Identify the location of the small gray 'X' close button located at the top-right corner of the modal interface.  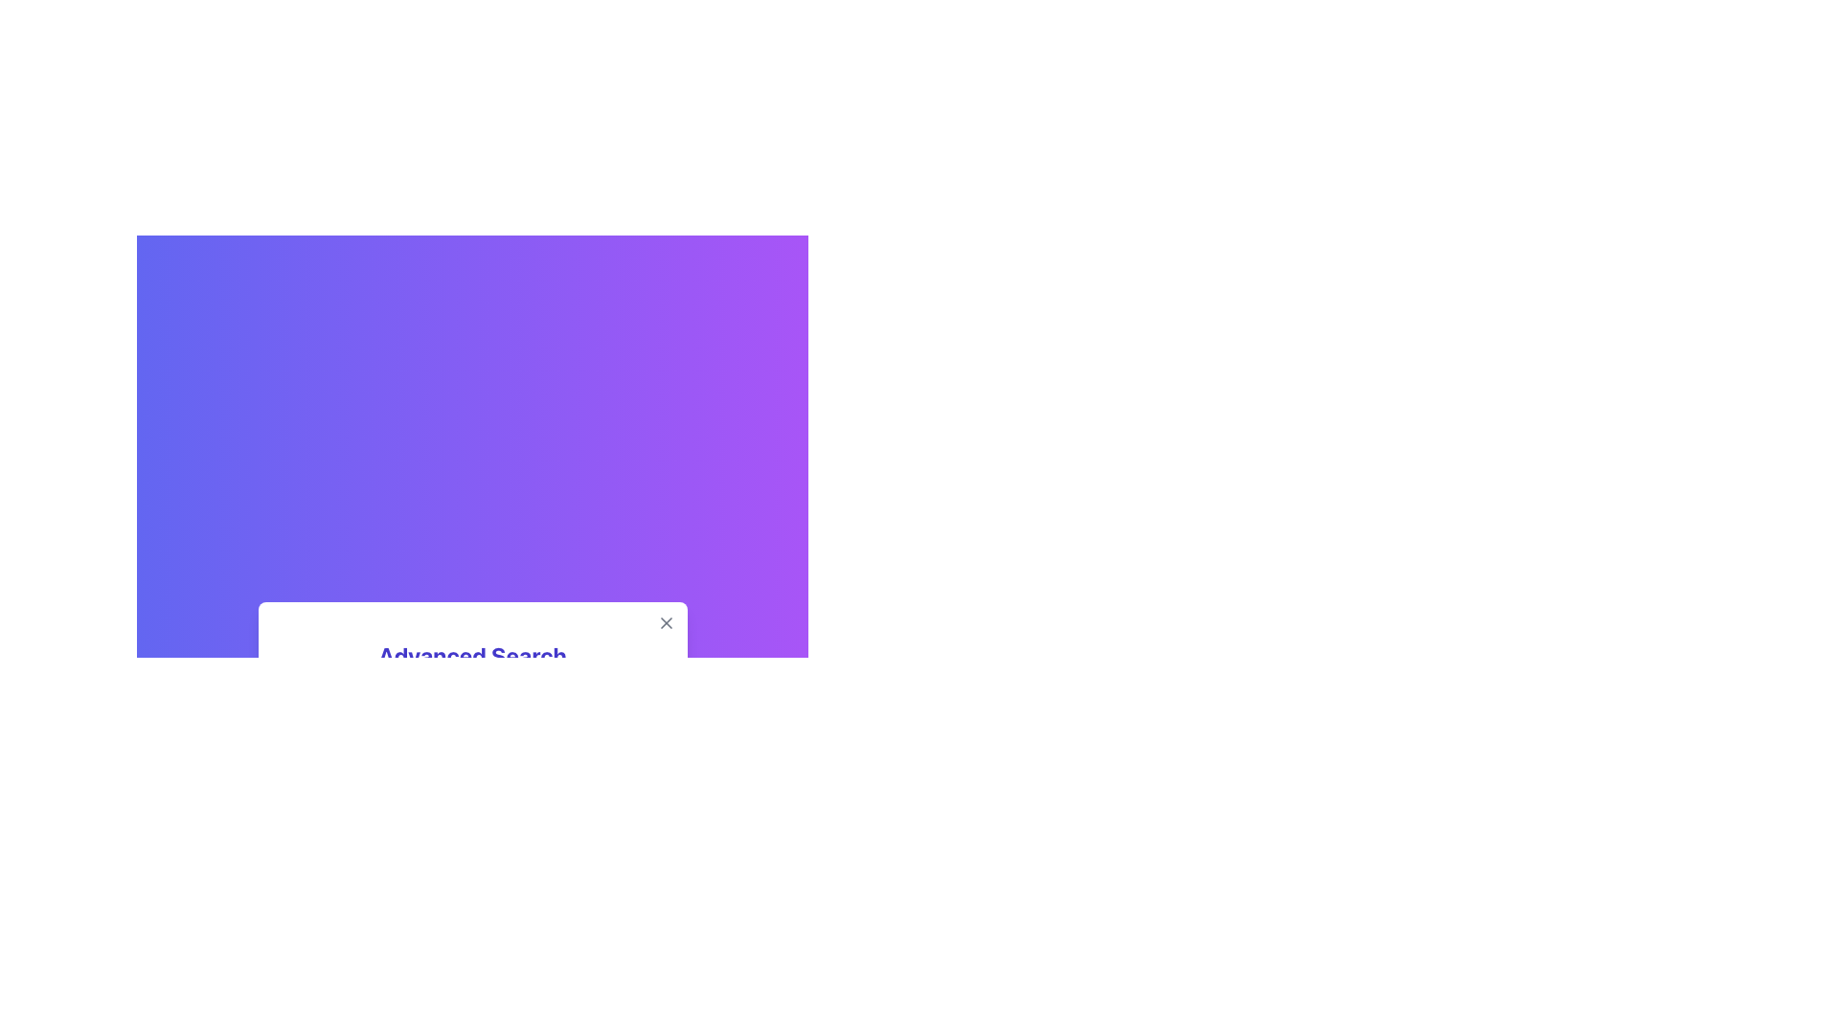
(666, 623).